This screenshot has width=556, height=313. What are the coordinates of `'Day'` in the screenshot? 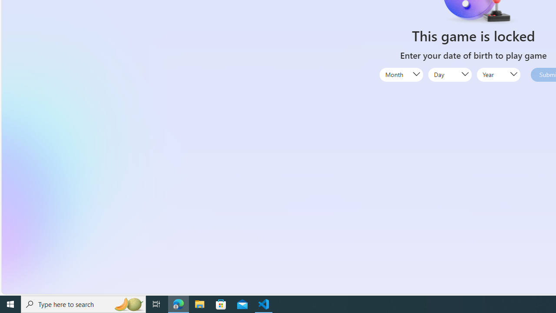 It's located at (450, 74).